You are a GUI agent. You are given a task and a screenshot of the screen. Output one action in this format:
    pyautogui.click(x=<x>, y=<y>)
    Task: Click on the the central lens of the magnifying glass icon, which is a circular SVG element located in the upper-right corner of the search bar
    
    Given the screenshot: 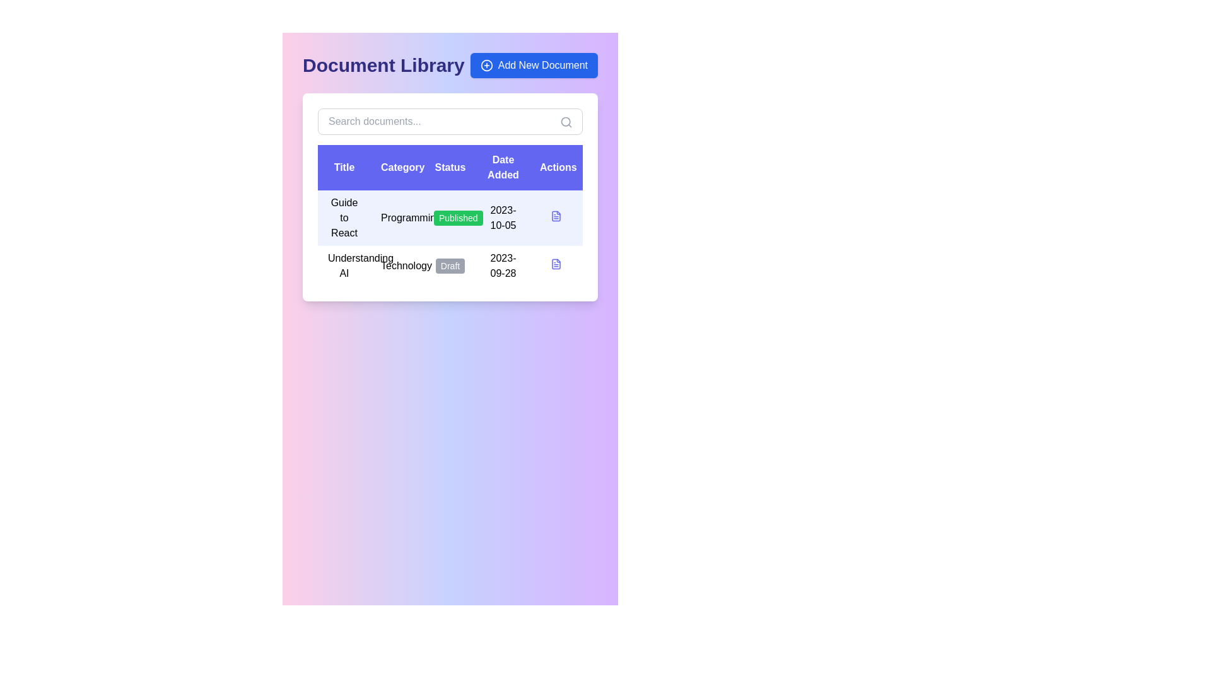 What is the action you would take?
    pyautogui.click(x=565, y=122)
    